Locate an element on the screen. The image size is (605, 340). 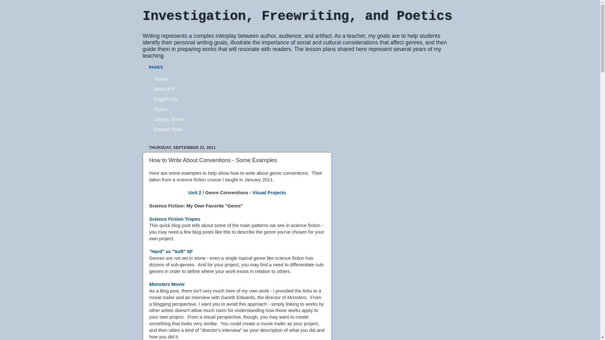
'English 101' is located at coordinates (166, 99).